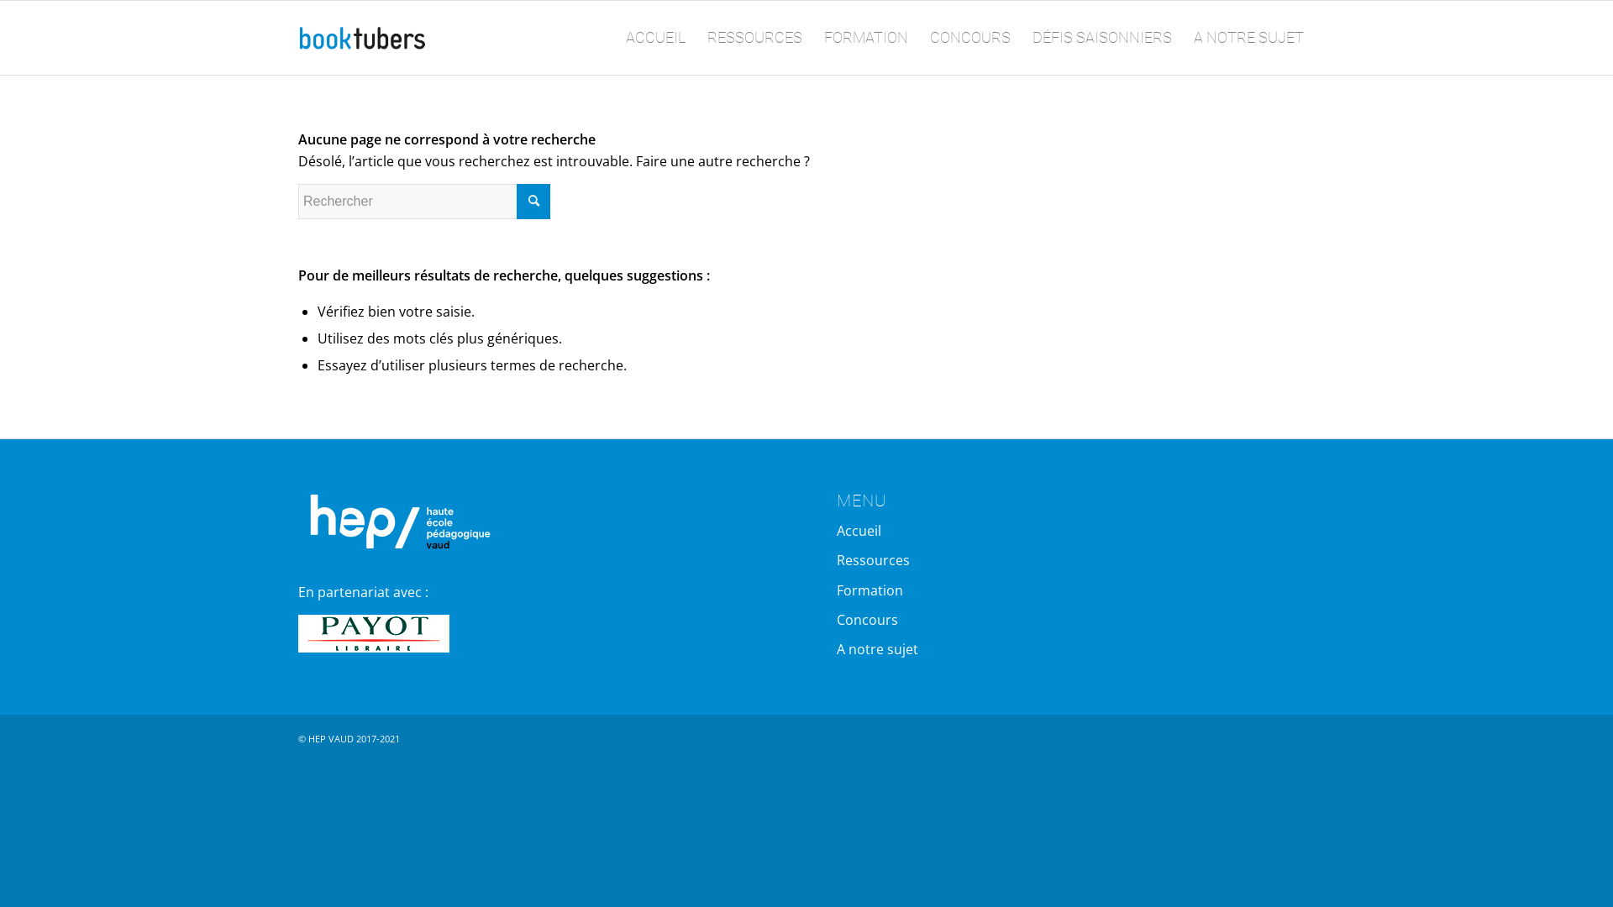  What do you see at coordinates (394, 519) in the screenshot?
I see `'HEP Vaud'` at bounding box center [394, 519].